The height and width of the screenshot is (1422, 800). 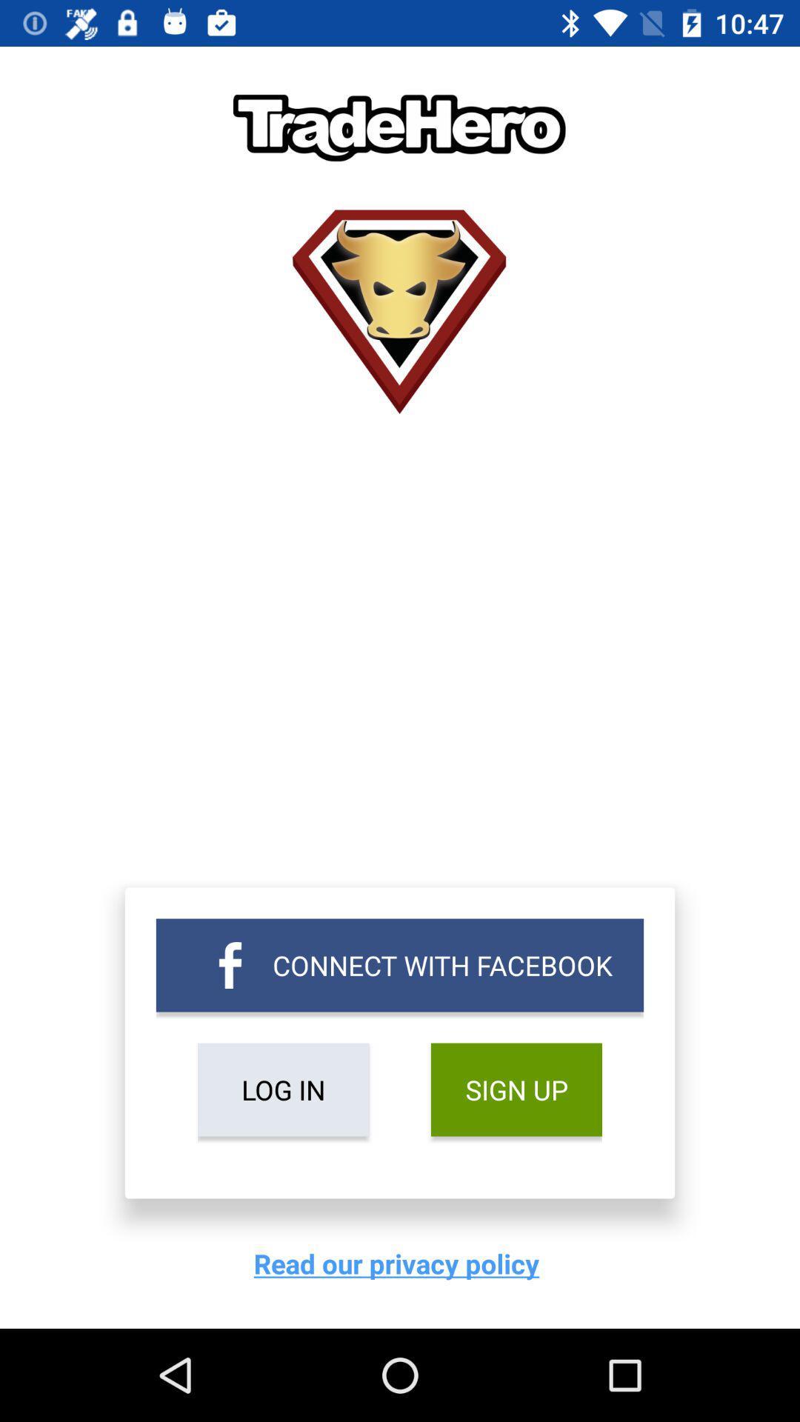 What do you see at coordinates (400, 965) in the screenshot?
I see `connect with facebook` at bounding box center [400, 965].